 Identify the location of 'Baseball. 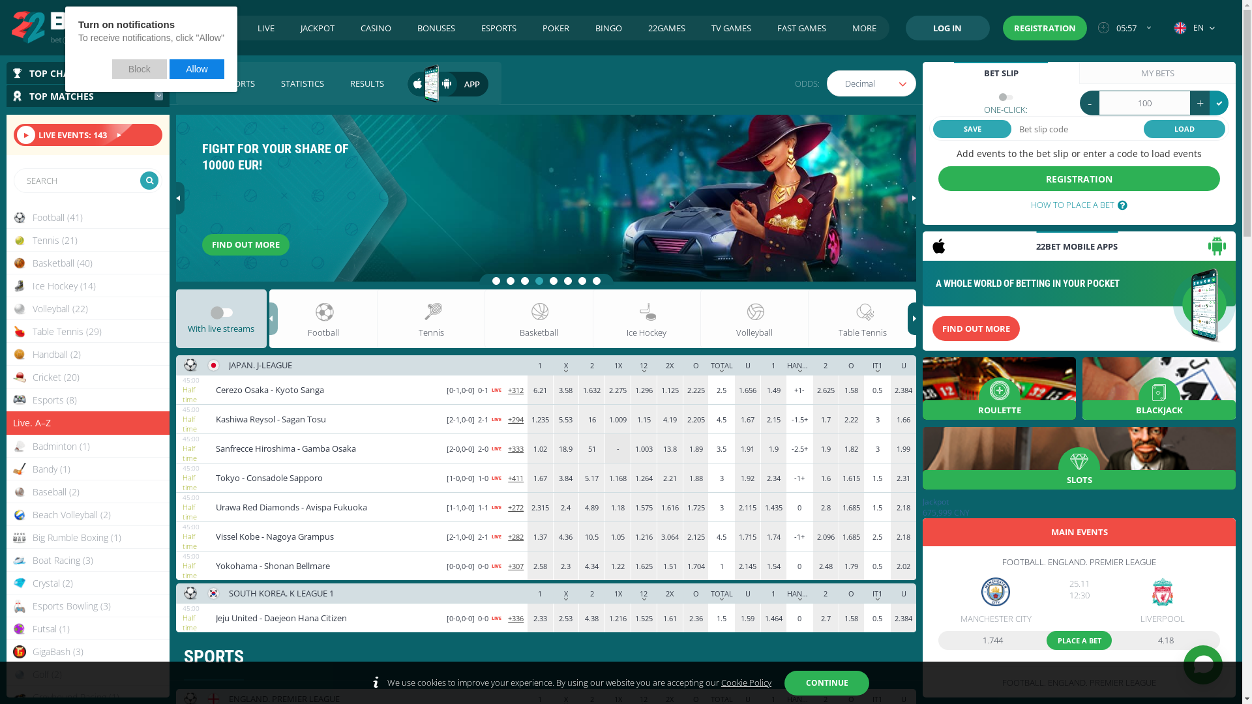
(87, 491).